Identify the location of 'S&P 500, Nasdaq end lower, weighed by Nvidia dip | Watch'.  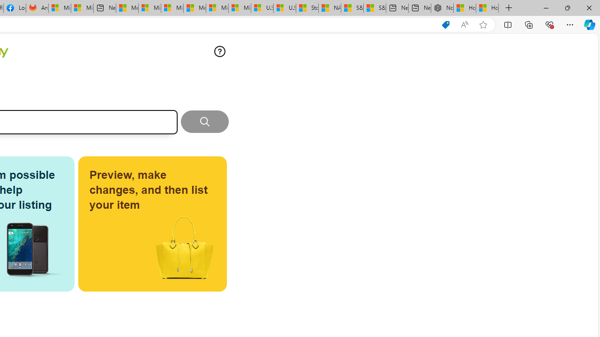
(374, 8).